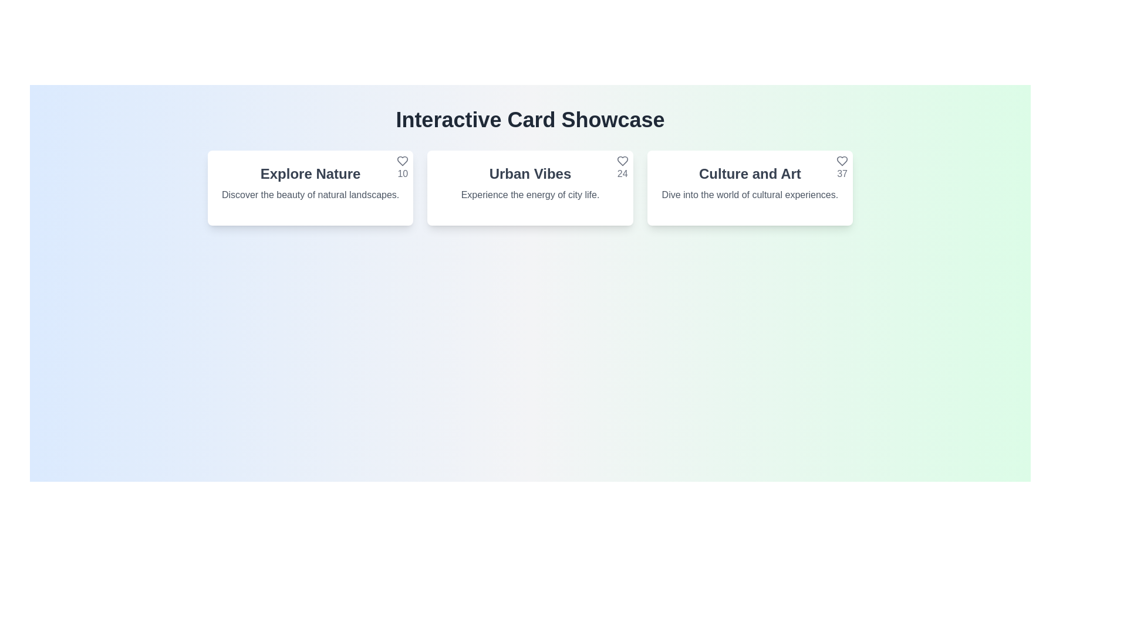  I want to click on the heart-shaped vector icon located in the top-right corner of the 'Culture and Art' card, adjacent to the numeric text '37', so click(842, 161).